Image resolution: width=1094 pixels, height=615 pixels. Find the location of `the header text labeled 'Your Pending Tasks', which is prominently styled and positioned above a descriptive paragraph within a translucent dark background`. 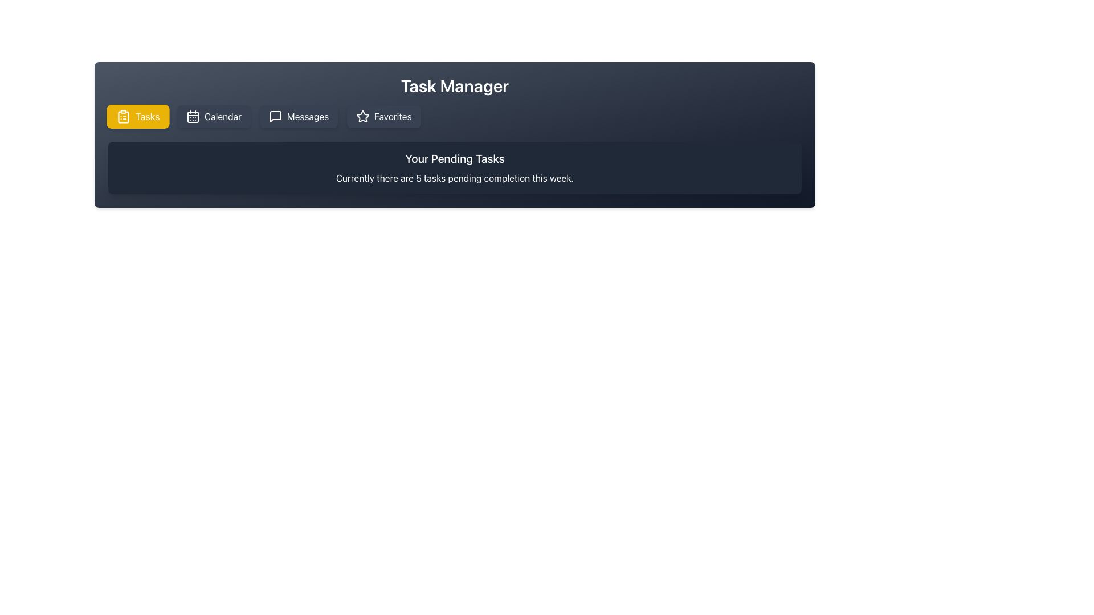

the header text labeled 'Your Pending Tasks', which is prominently styled and positioned above a descriptive paragraph within a translucent dark background is located at coordinates (454, 158).